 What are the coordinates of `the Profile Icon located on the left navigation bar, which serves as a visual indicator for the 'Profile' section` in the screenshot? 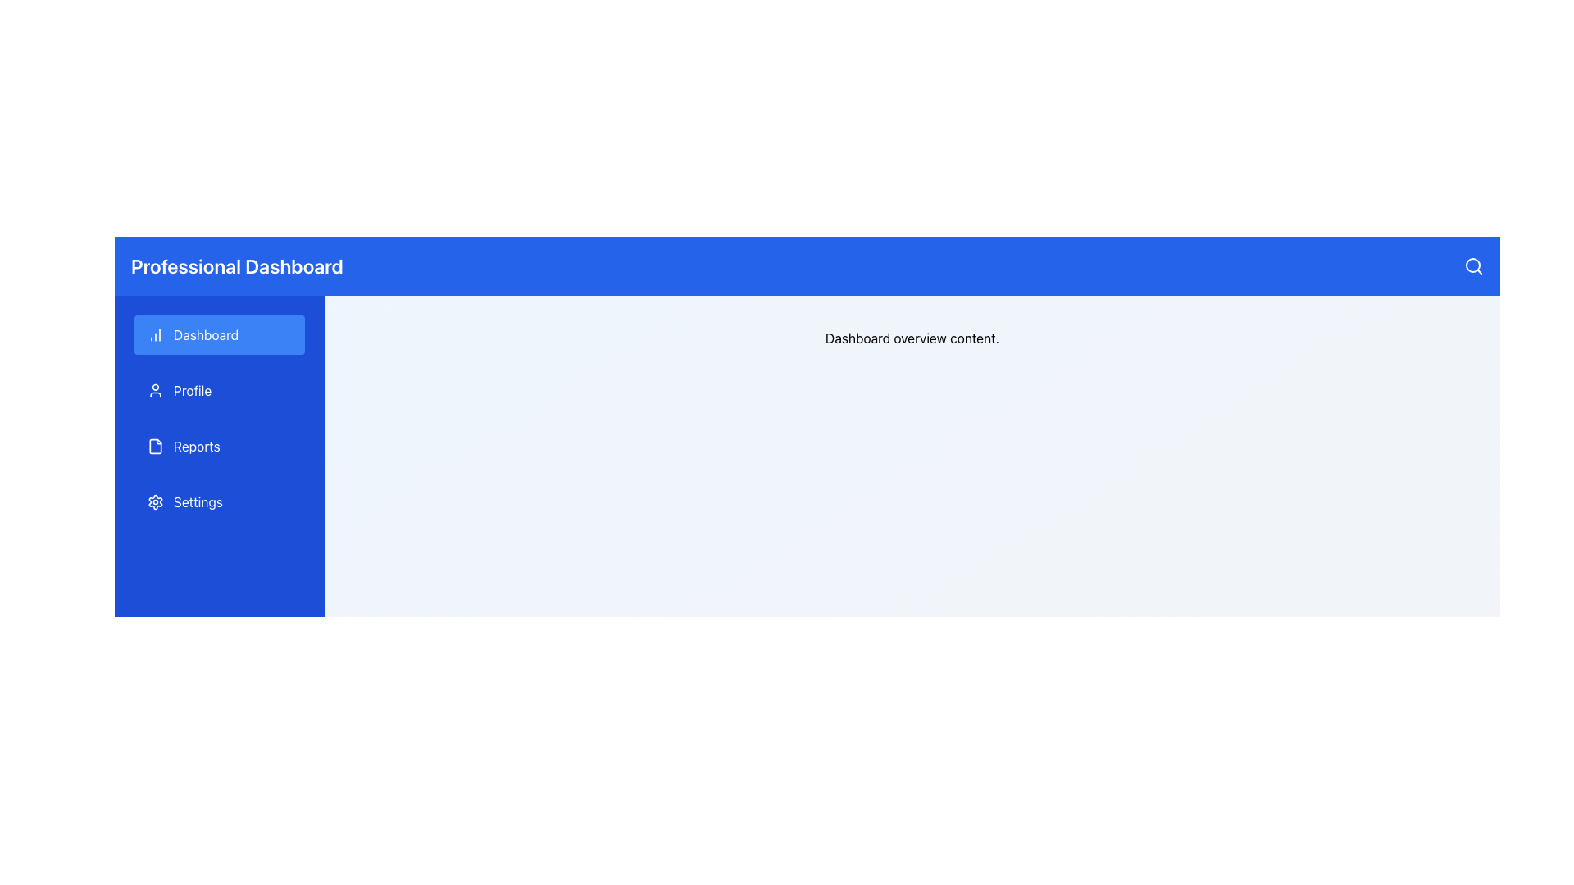 It's located at (156, 391).